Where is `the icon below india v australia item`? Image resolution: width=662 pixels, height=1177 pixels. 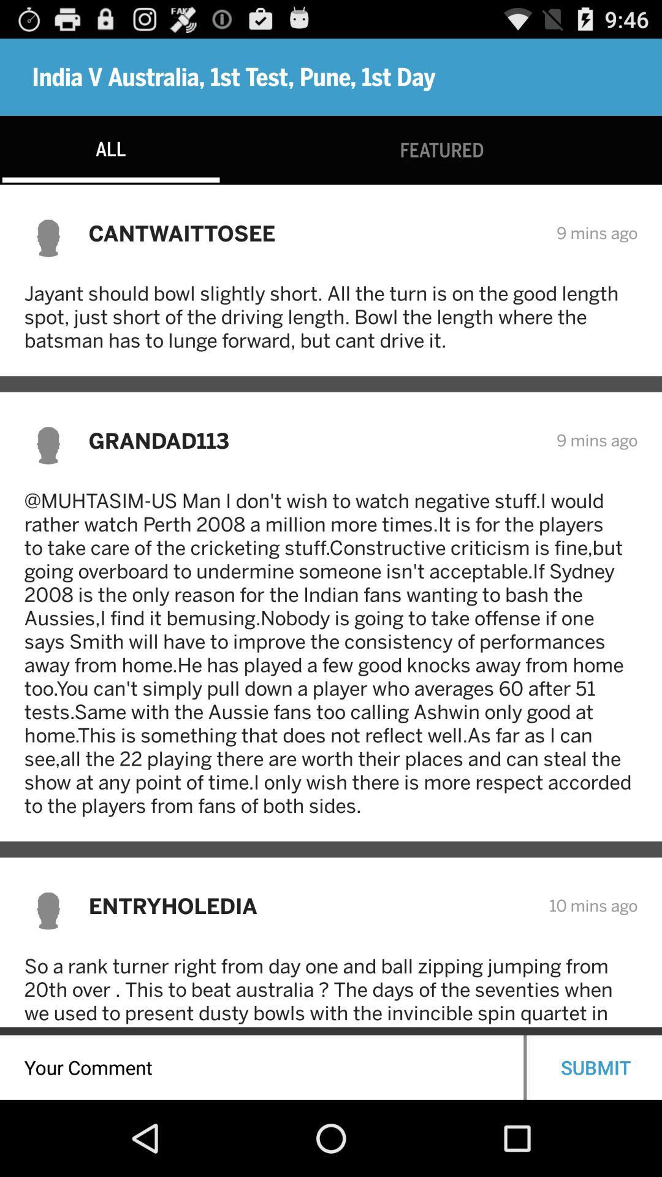 the icon below india v australia item is located at coordinates (442, 150).